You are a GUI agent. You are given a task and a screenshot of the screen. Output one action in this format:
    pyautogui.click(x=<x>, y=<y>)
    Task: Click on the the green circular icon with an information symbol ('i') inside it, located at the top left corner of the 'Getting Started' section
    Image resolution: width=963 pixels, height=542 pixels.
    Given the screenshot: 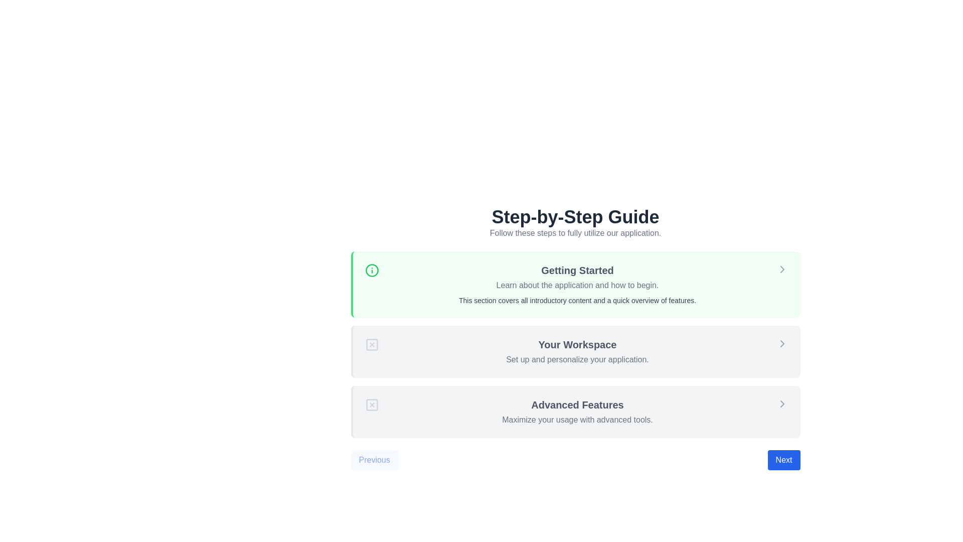 What is the action you would take?
    pyautogui.click(x=371, y=270)
    